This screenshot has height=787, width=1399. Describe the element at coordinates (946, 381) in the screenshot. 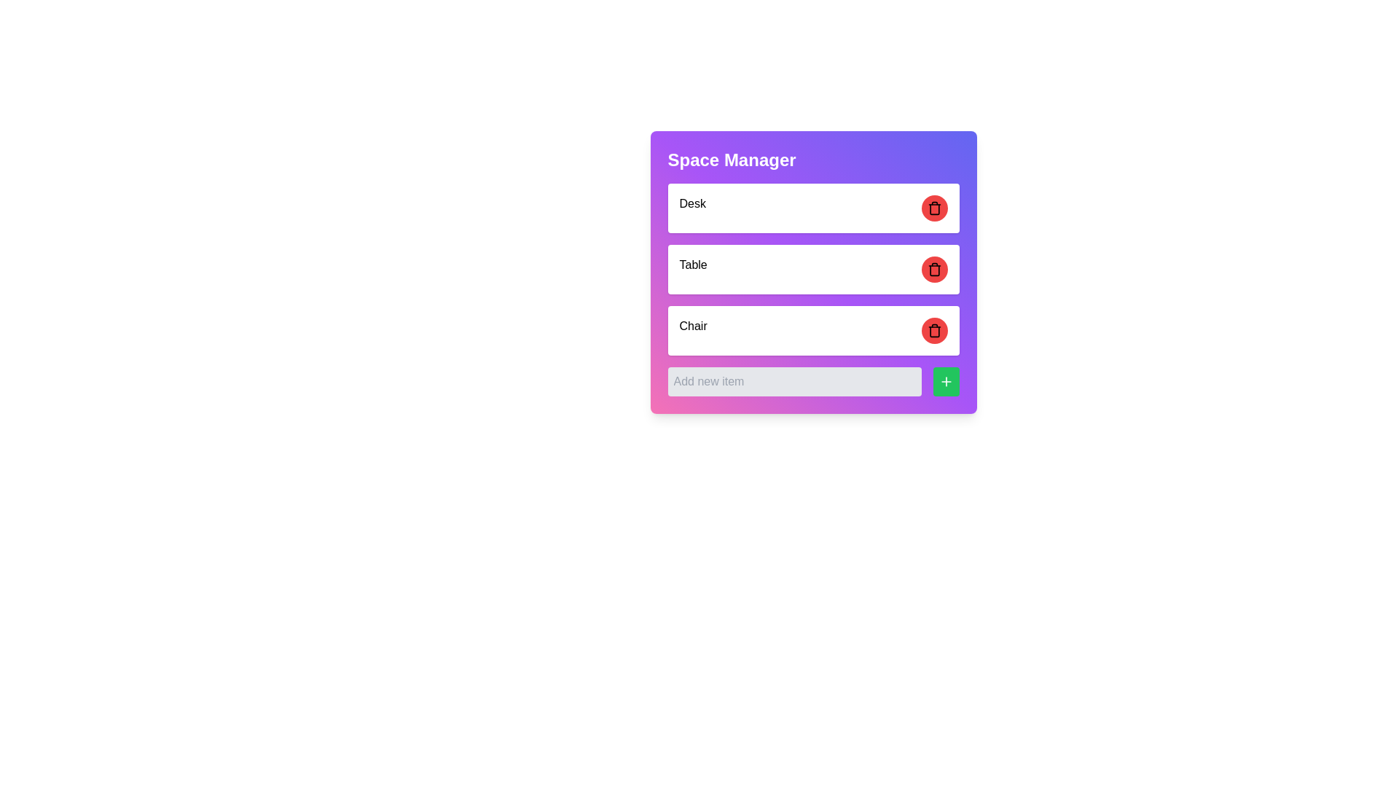

I see `the green rounded rectangular button with a plus sign icon at the far right of the layout` at that location.